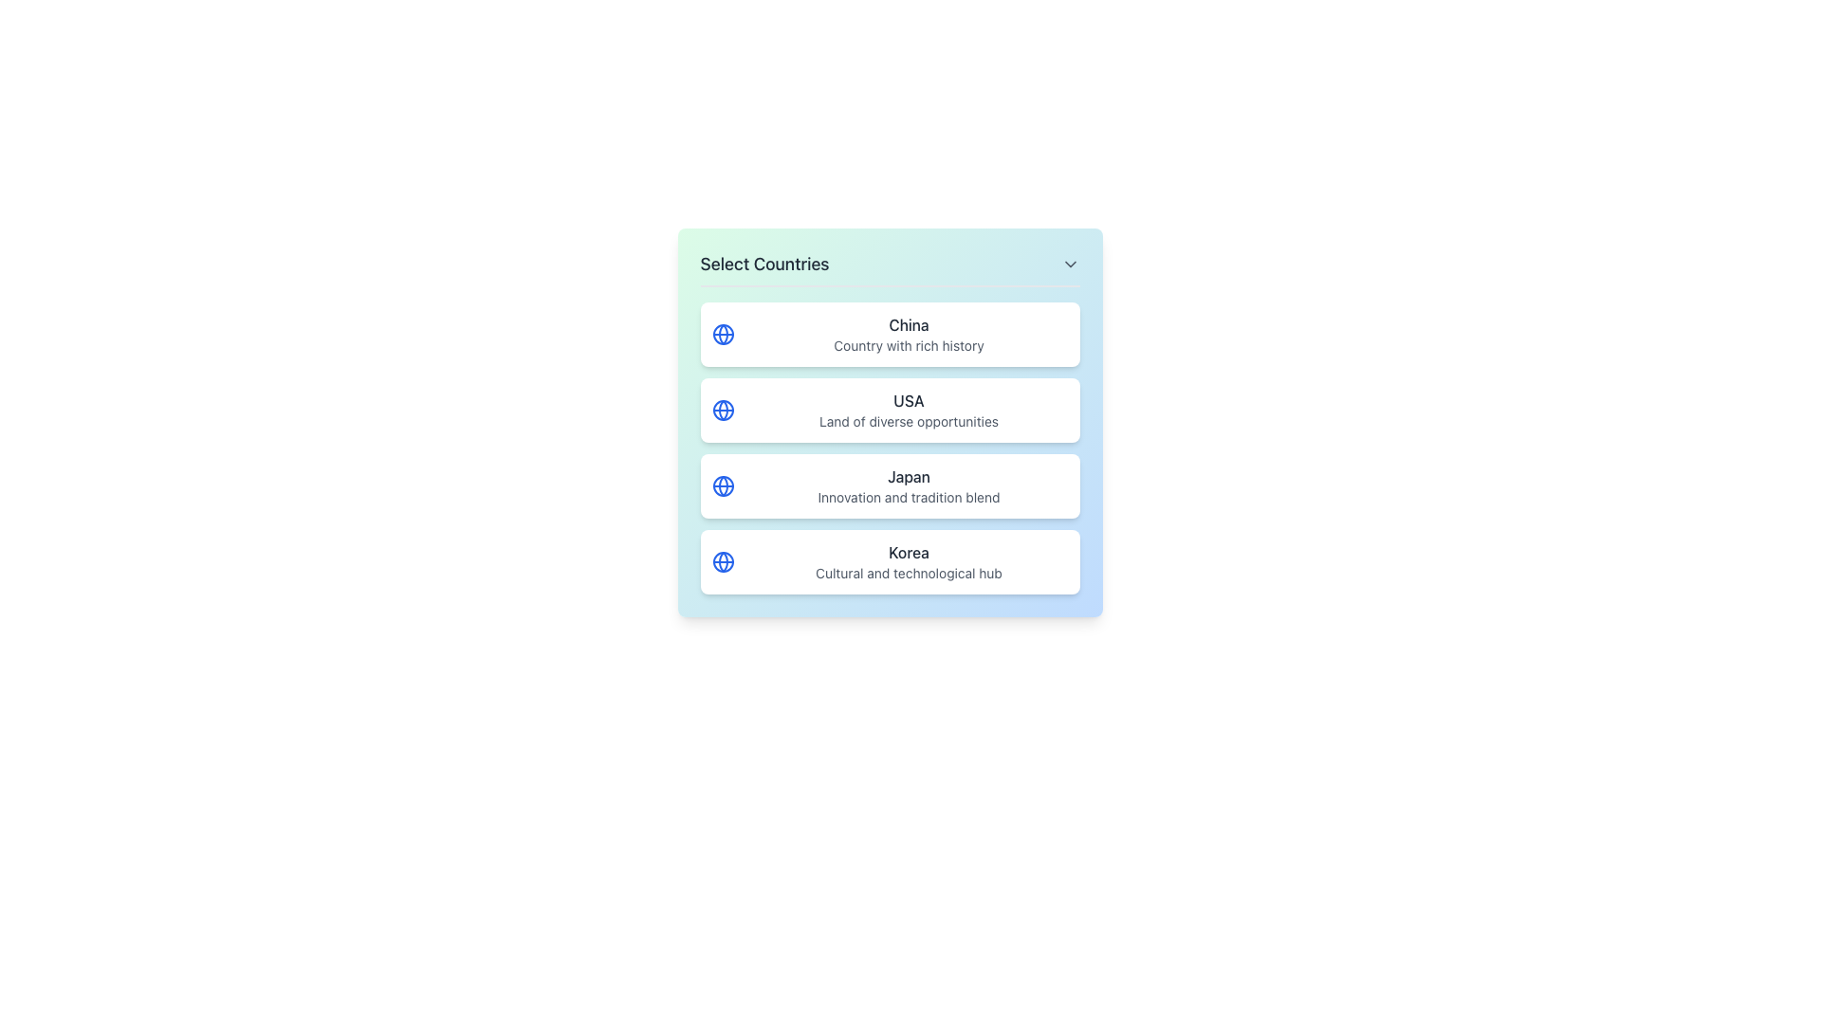 This screenshot has height=1024, width=1821. Describe the element at coordinates (722, 561) in the screenshot. I see `the Globe icon which represents the global concept related to 'Korea', located to the left of the text 'Korea' and 'Cultural and technological hub'` at that location.